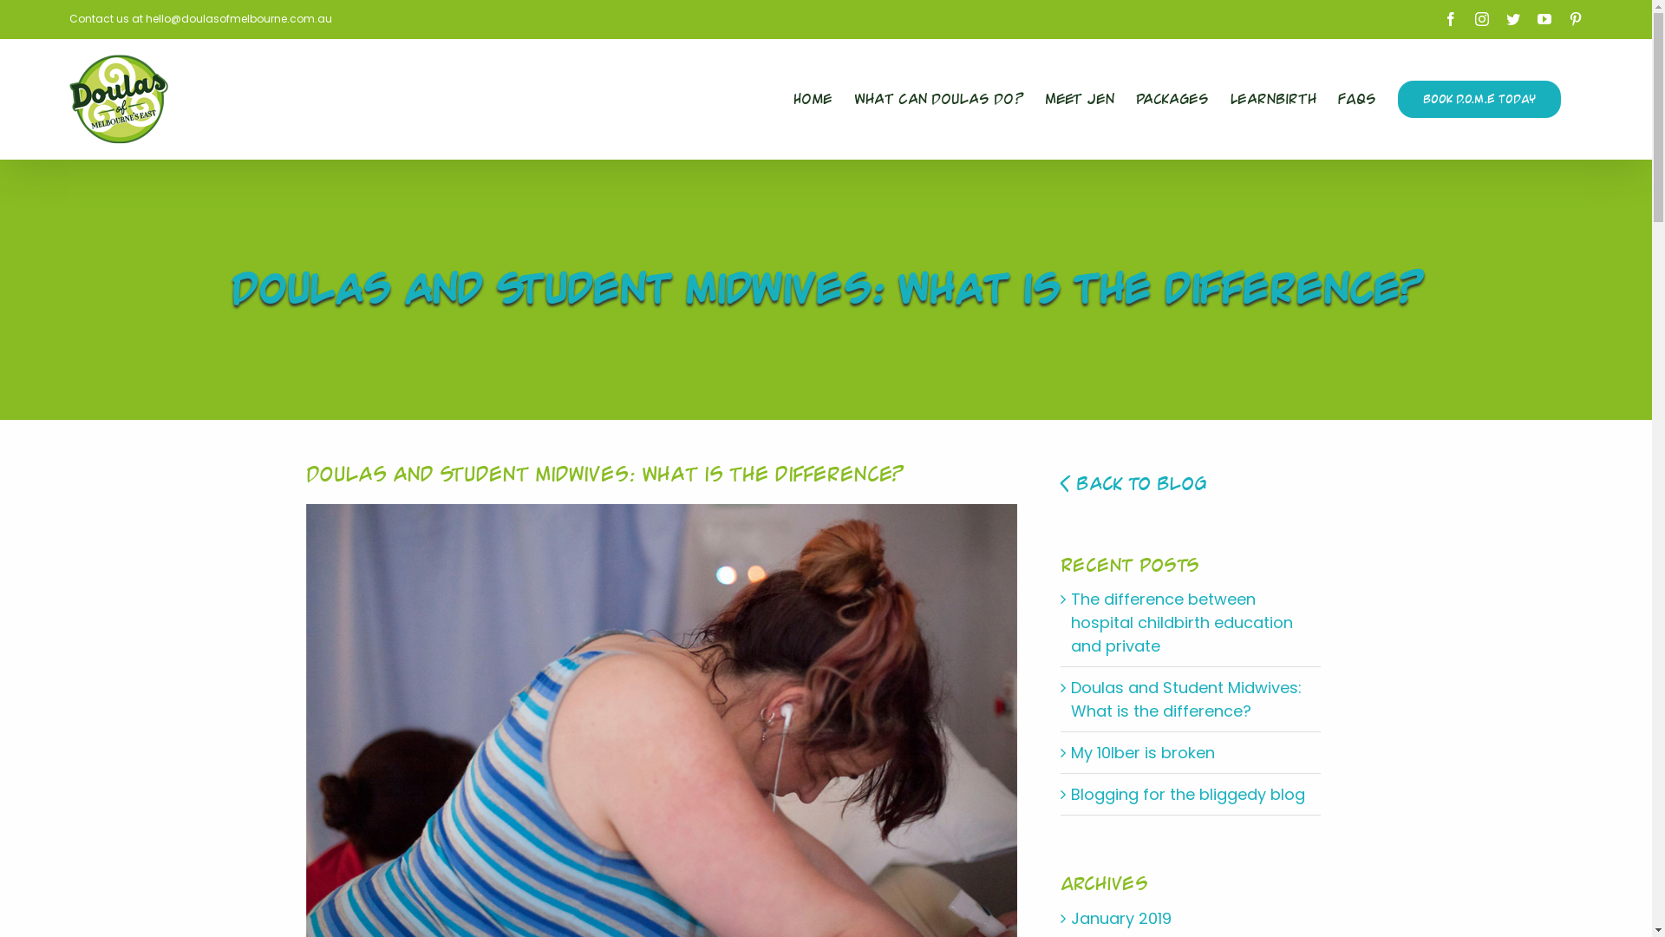 The height and width of the screenshot is (937, 1665). Describe the element at coordinates (200, 18) in the screenshot. I see `'Contact us at hello@doulasofmelbourne.com.au'` at that location.